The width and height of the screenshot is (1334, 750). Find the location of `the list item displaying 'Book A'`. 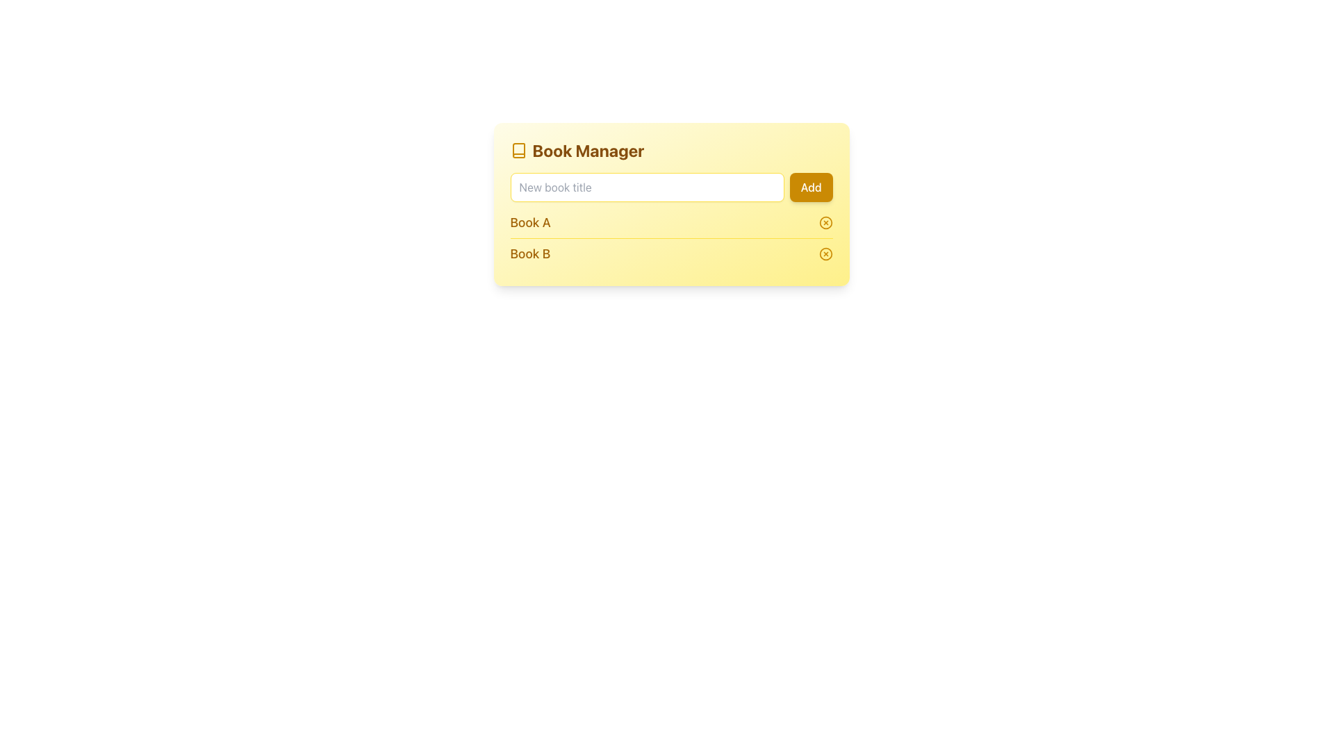

the list item displaying 'Book A' is located at coordinates (671, 222).